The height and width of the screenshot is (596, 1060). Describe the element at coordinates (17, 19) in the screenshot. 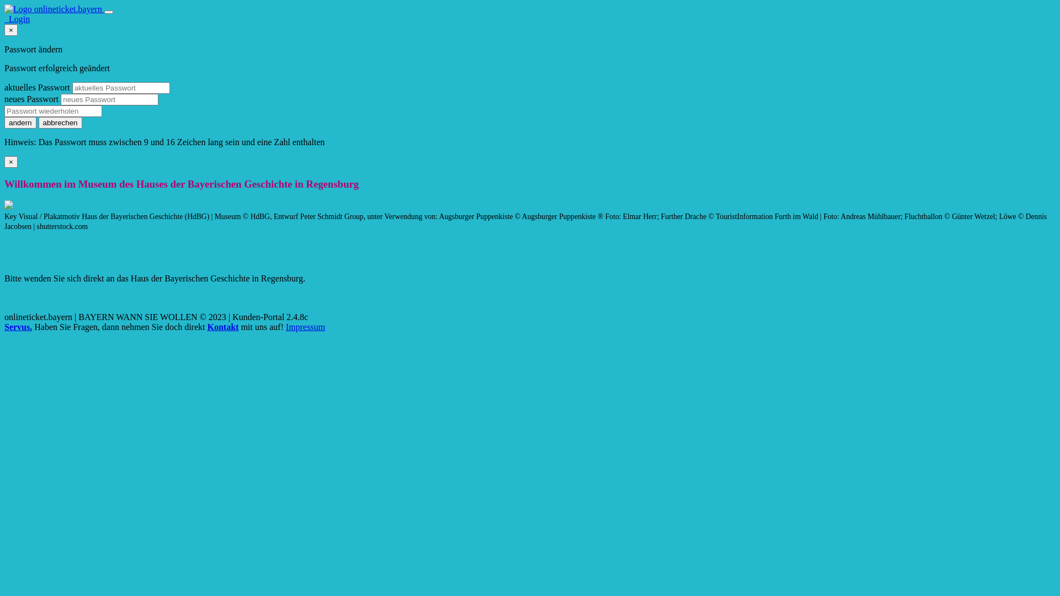

I see `'  Login'` at that location.